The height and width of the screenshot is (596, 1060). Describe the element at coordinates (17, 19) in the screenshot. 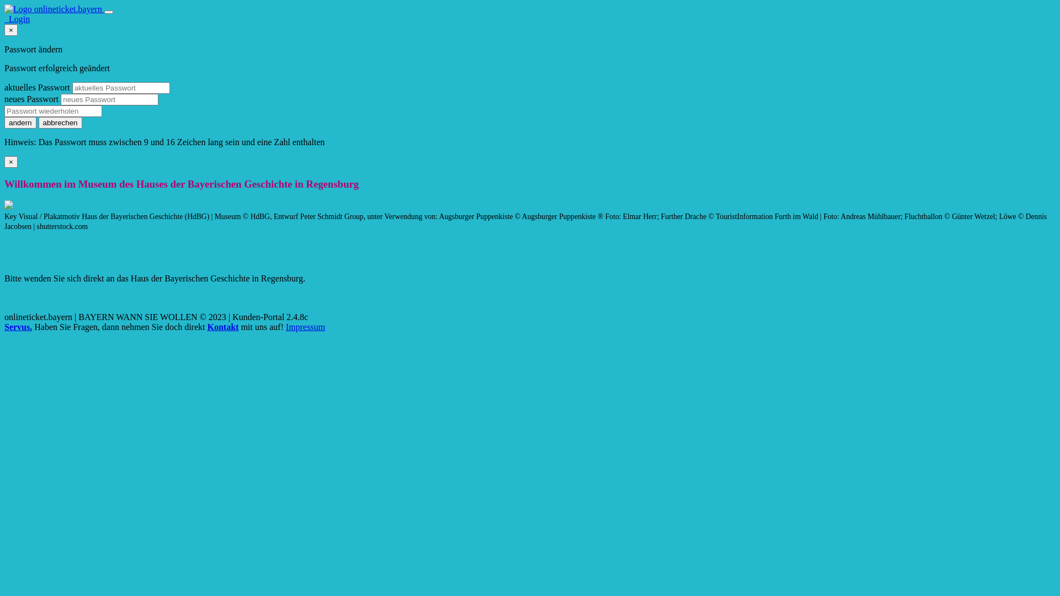

I see `'  Login'` at that location.